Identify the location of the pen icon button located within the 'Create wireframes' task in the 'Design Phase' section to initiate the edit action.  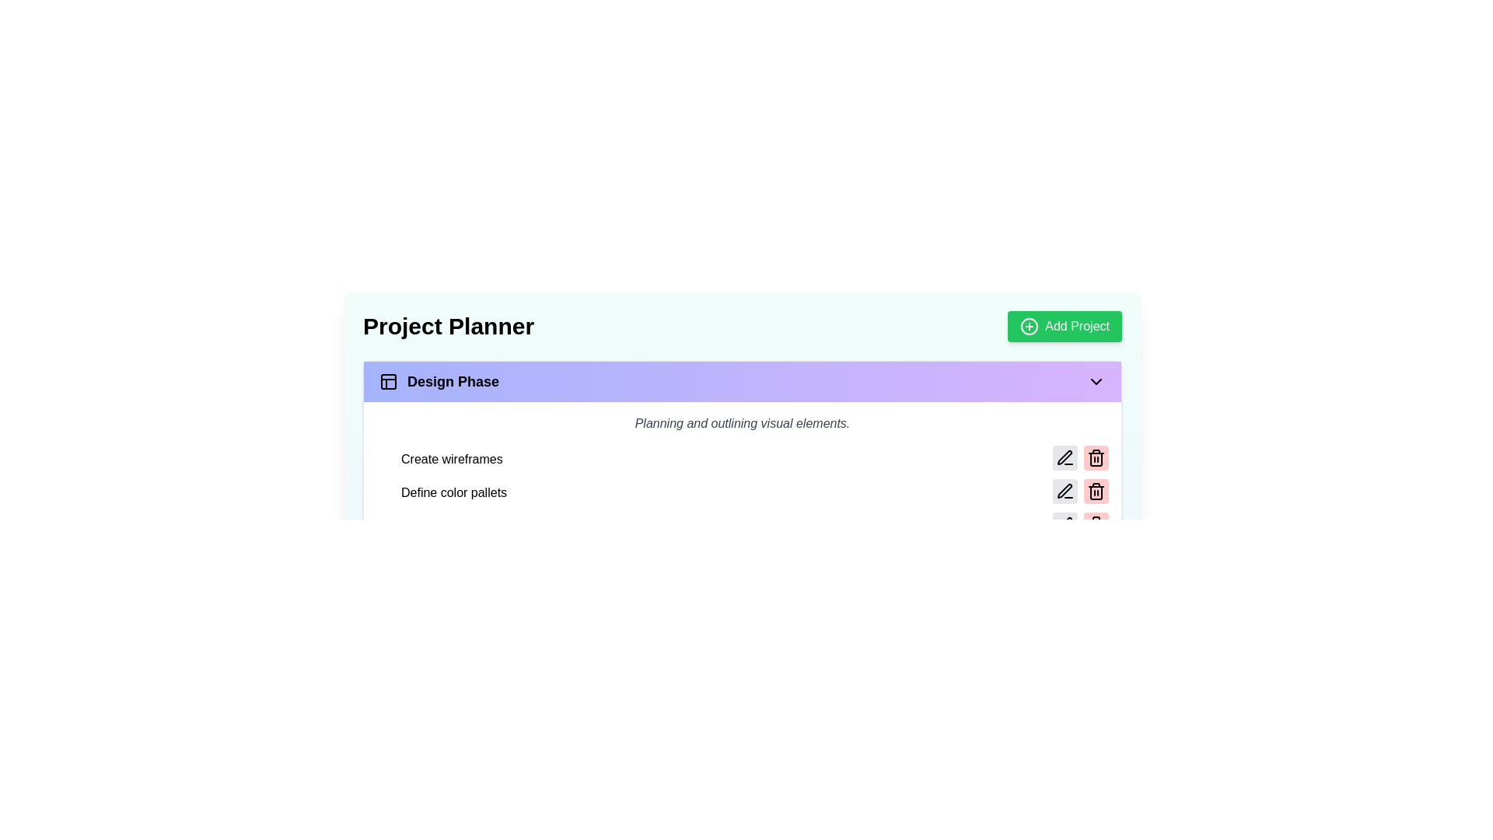
(1064, 457).